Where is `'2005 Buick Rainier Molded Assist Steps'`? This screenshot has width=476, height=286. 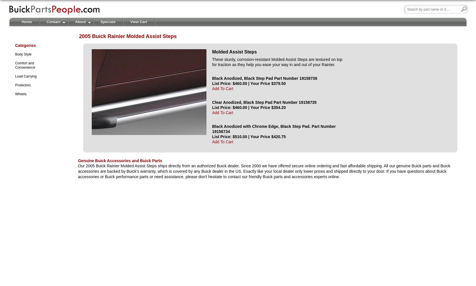
'2005 Buick Rainier Molded Assist Steps' is located at coordinates (79, 36).